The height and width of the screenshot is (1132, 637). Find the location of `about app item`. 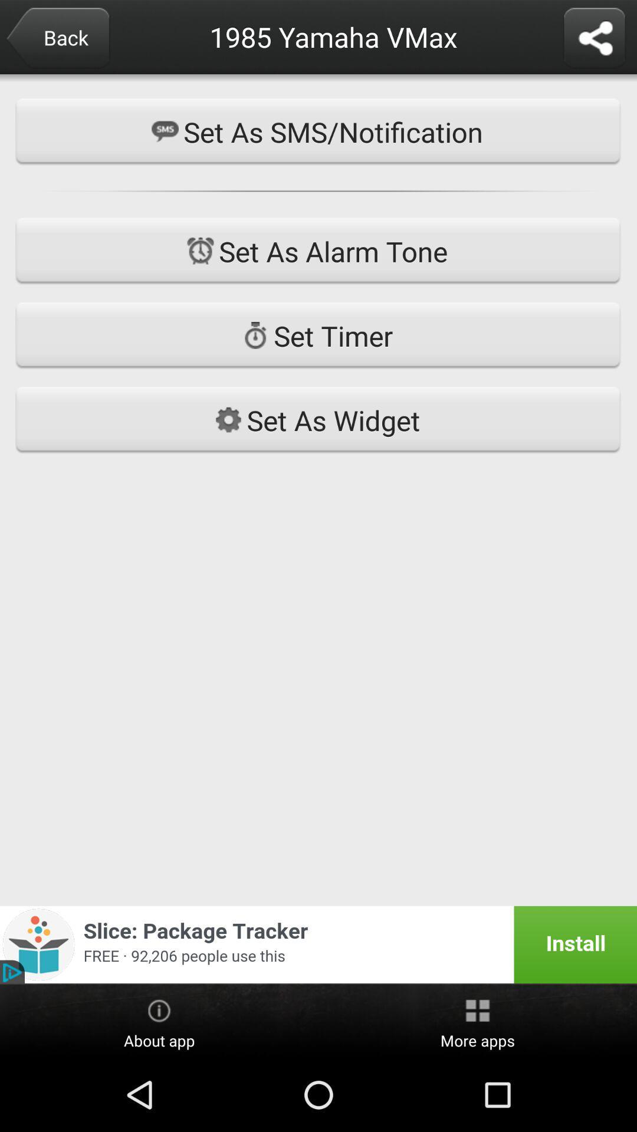

about app item is located at coordinates (159, 1021).